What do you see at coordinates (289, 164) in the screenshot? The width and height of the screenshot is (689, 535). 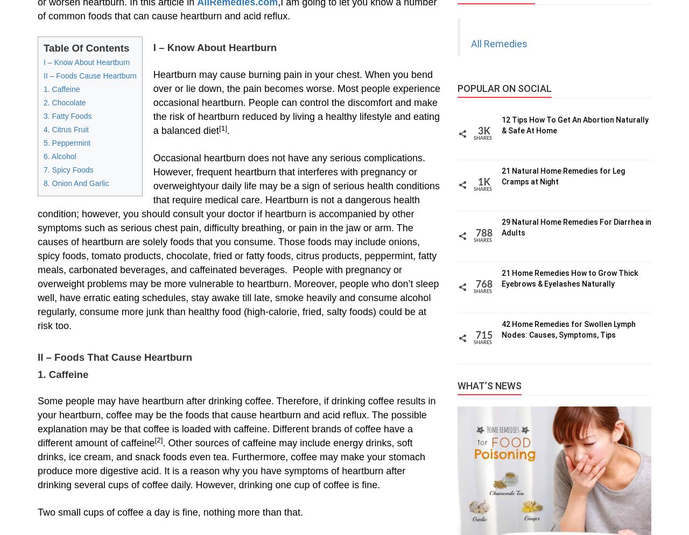 I see `'Occasional heartburn does not have any serious complications. However, frequent heartburn that interferes'` at bounding box center [289, 164].